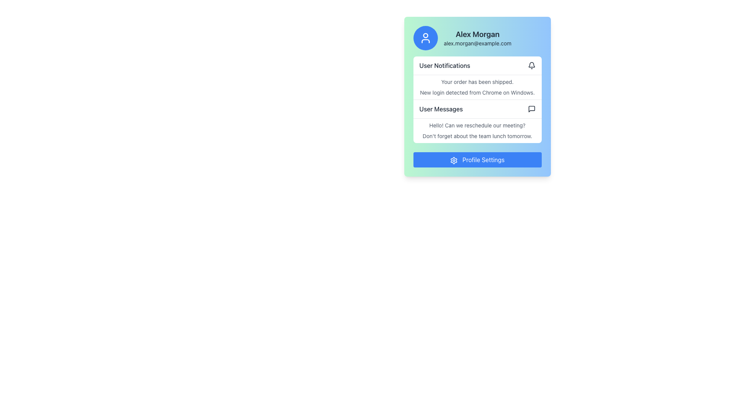 This screenshot has height=412, width=733. I want to click on the Text label displaying the user's email address, located below 'Alex Morgan' in the upper section of a card-like interface with a gradient blue-to-green background, so click(477, 43).